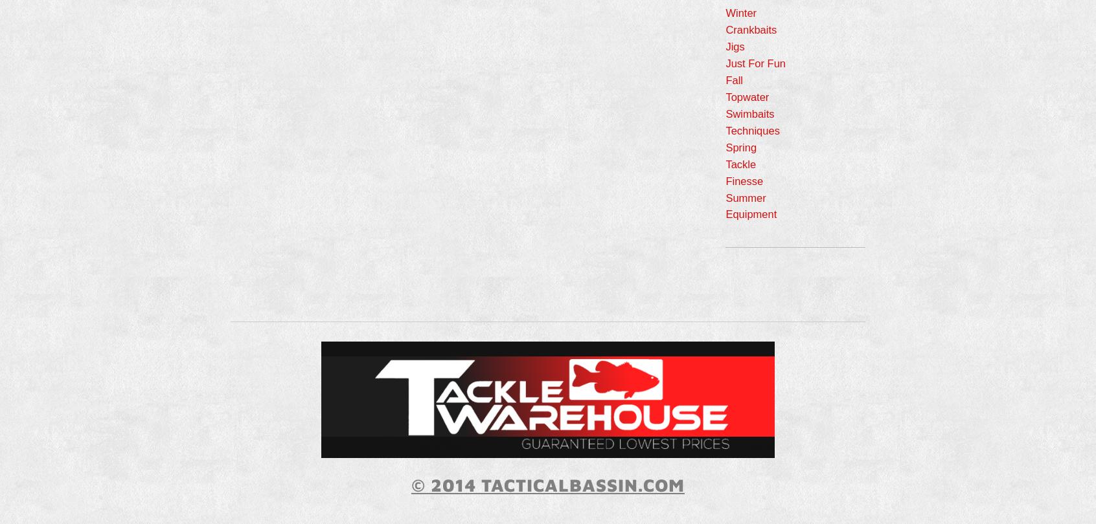  I want to click on 'Techniques', so click(725, 129).